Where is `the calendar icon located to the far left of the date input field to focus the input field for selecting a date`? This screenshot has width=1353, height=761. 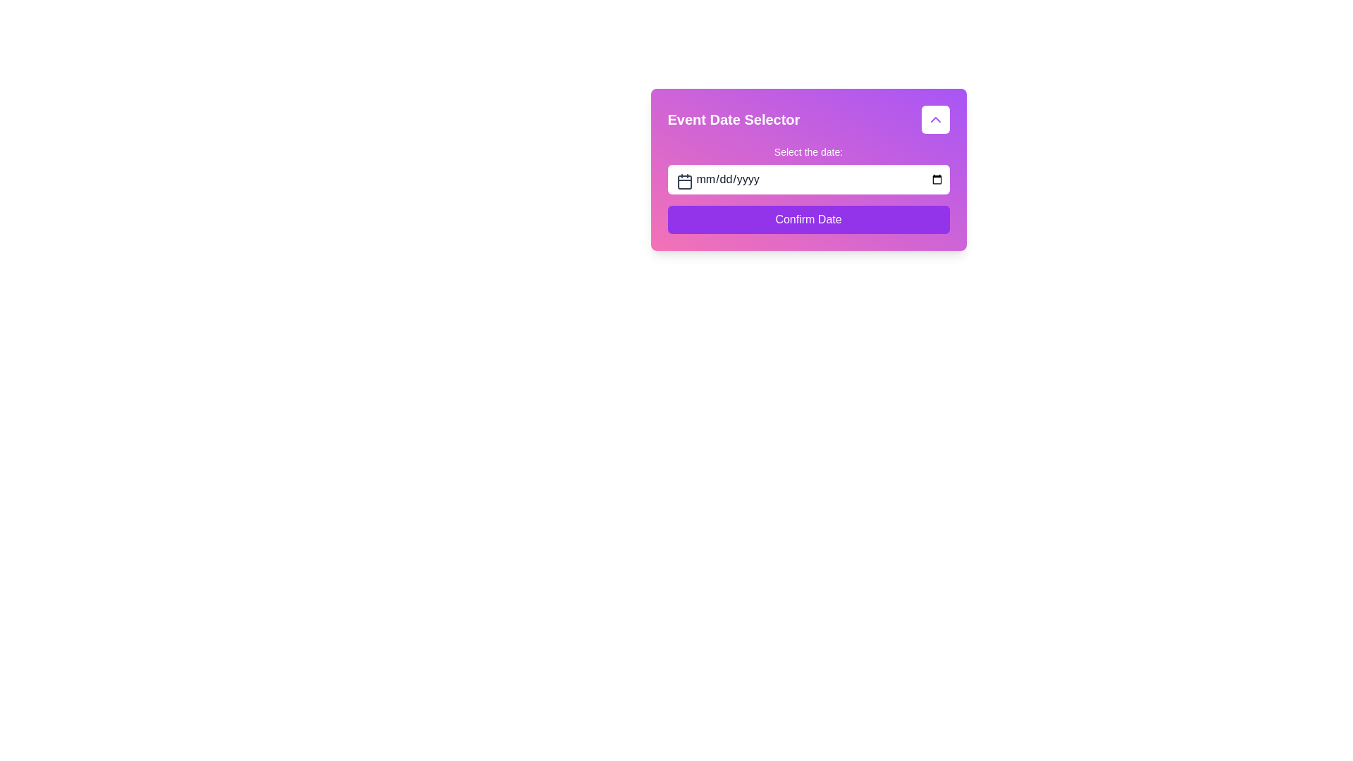
the calendar icon located to the far left of the date input field to focus the input field for selecting a date is located at coordinates (684, 181).